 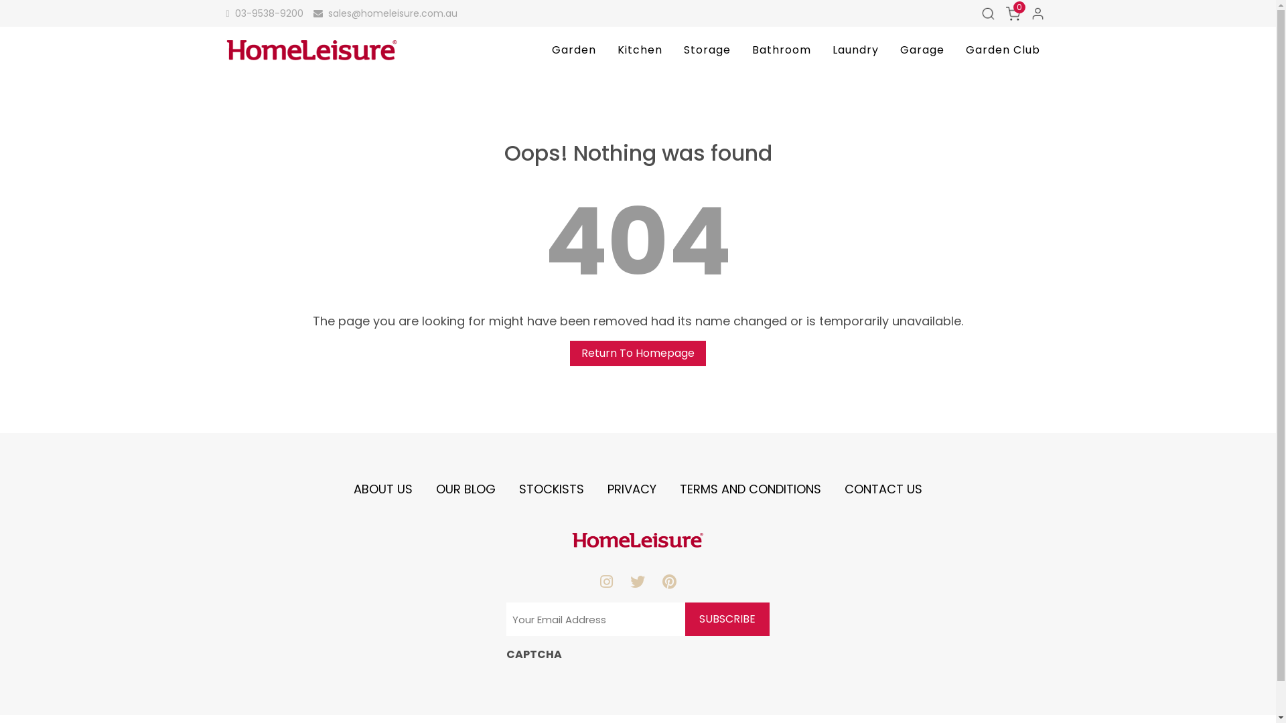 What do you see at coordinates (607, 49) in the screenshot?
I see `'Kitchen'` at bounding box center [607, 49].